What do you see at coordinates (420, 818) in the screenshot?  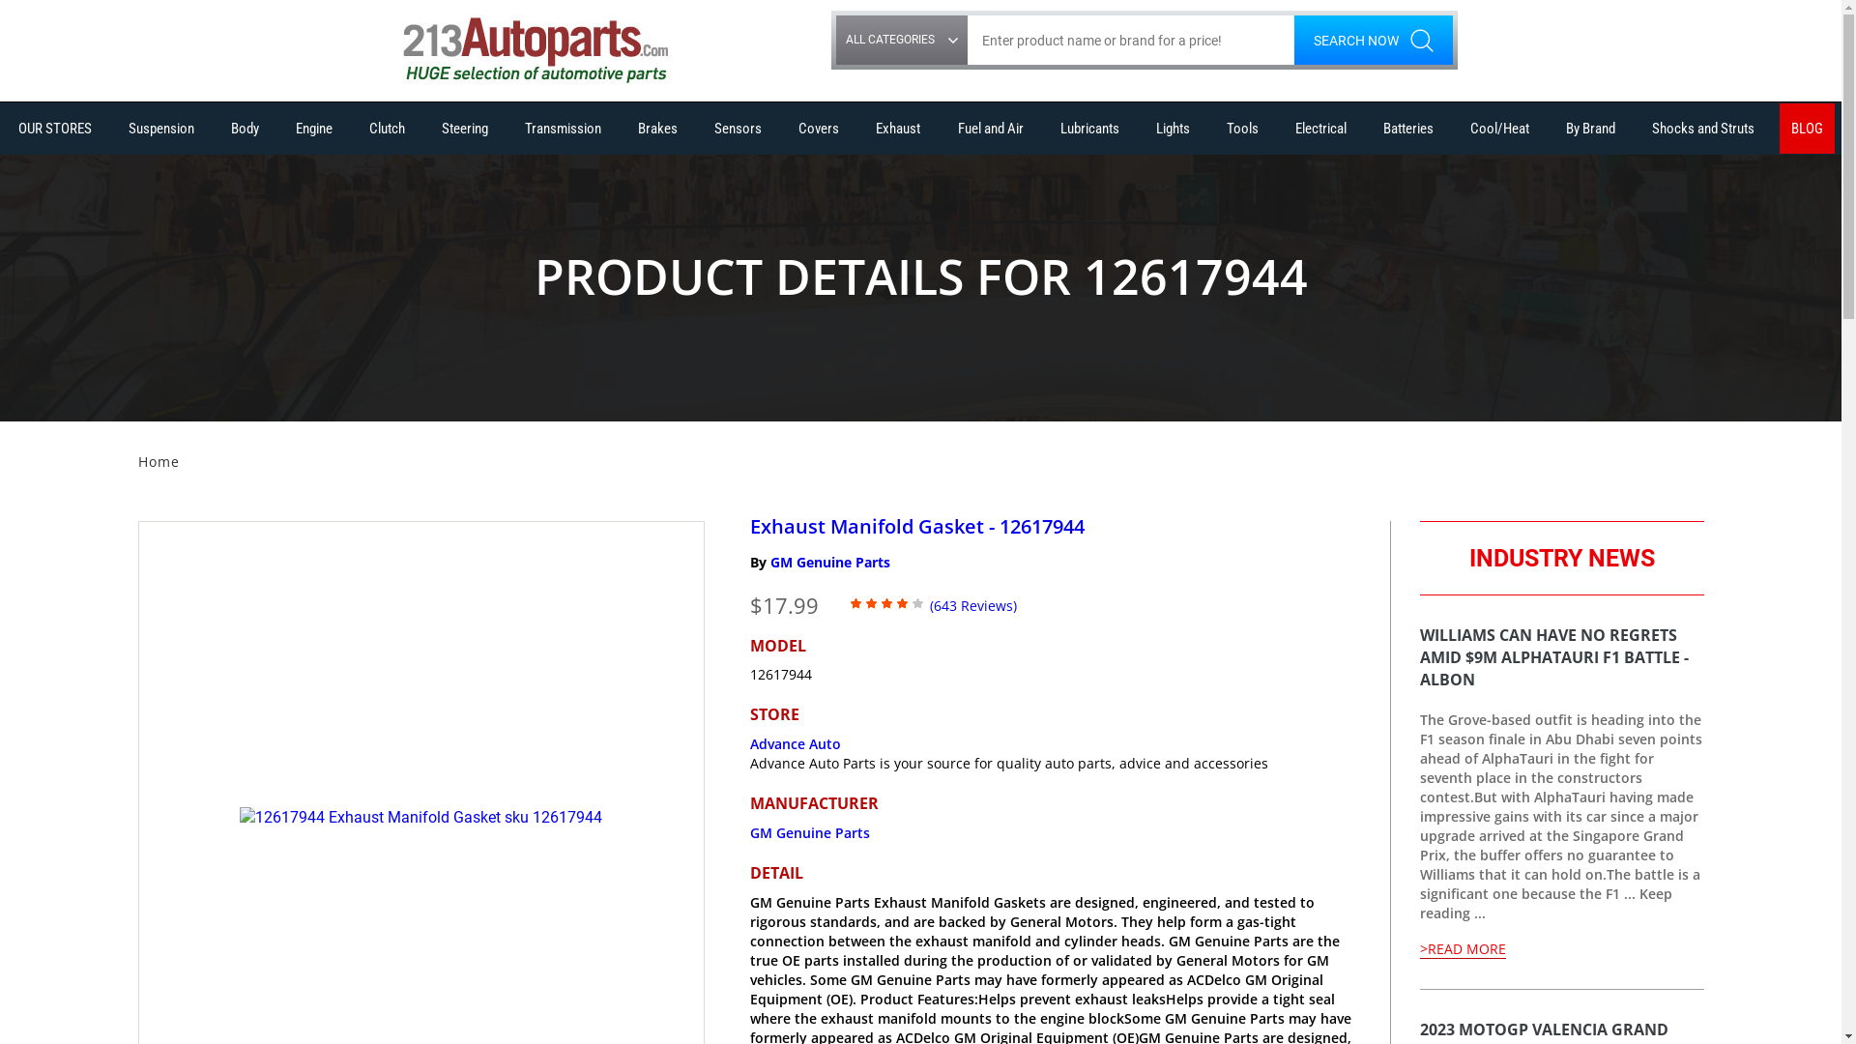 I see `'12617944 Exhaust Manifold Gasket sku 12617944'` at bounding box center [420, 818].